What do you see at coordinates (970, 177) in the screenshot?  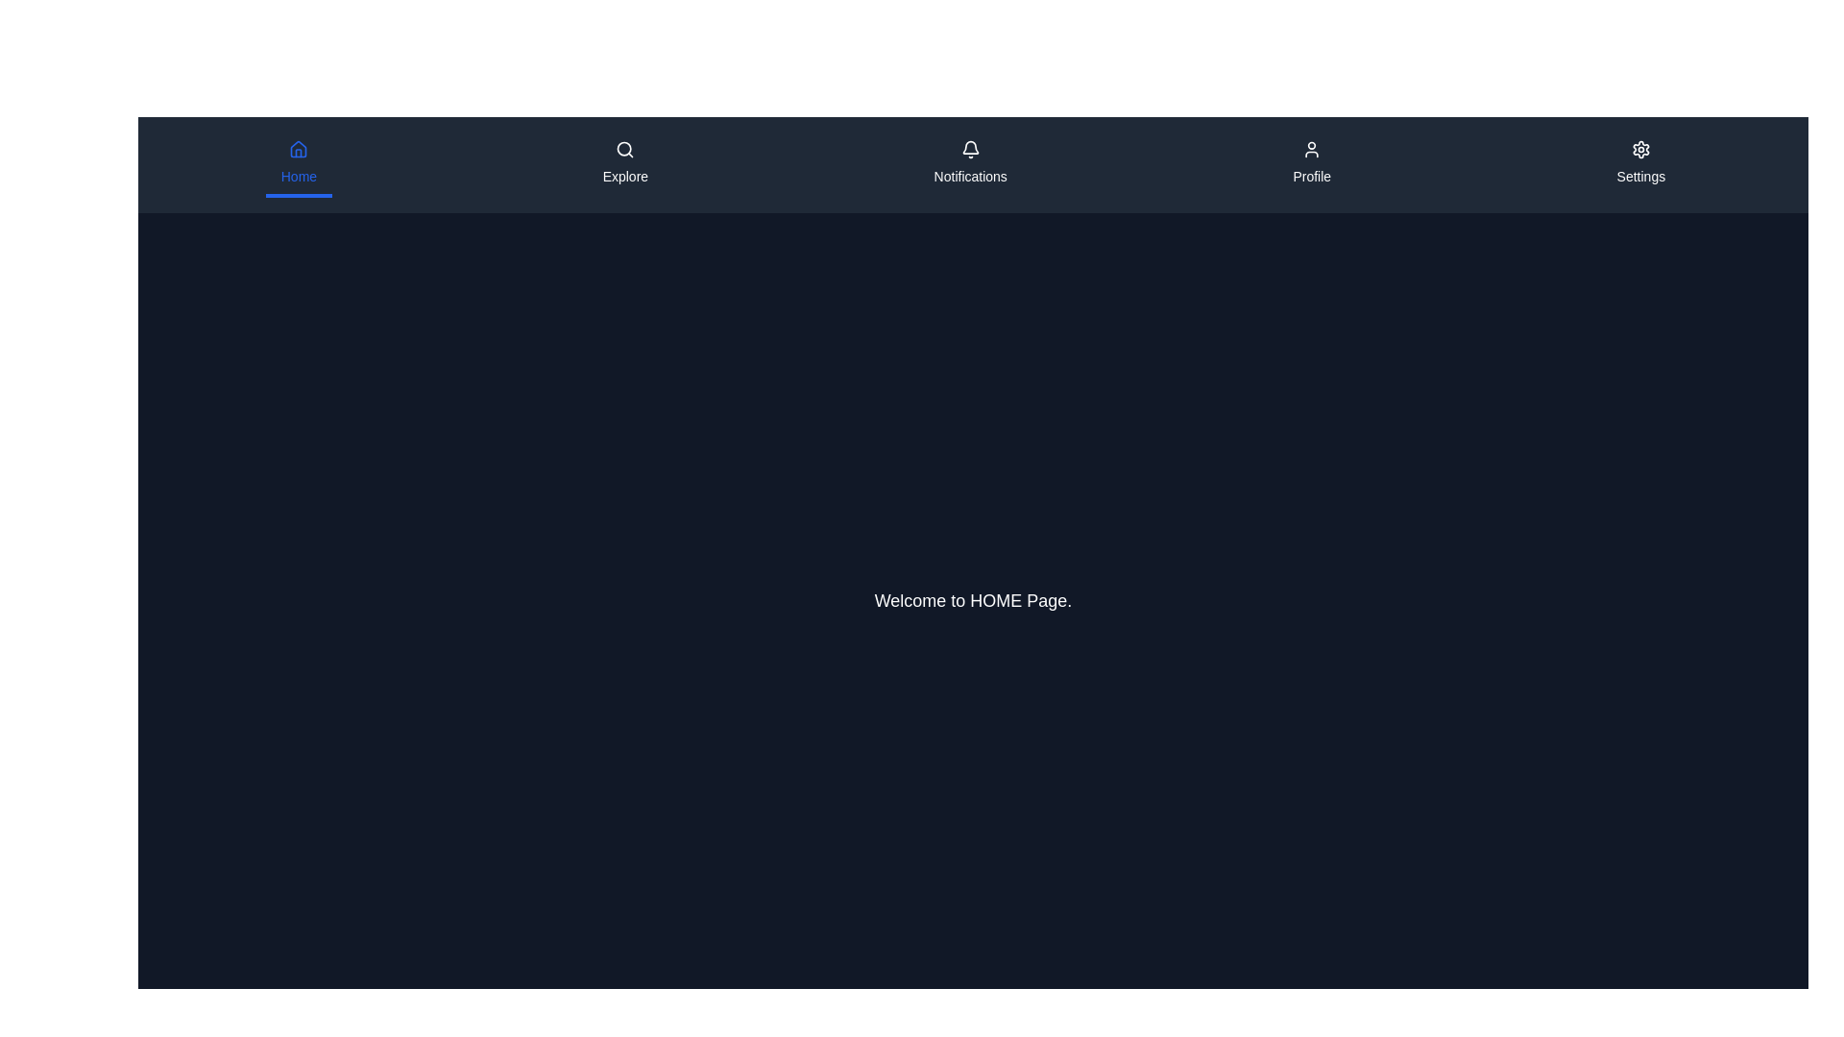 I see `the text label displaying 'Notifications', which is part of the navigation menu located beneath the bell icon` at bounding box center [970, 177].